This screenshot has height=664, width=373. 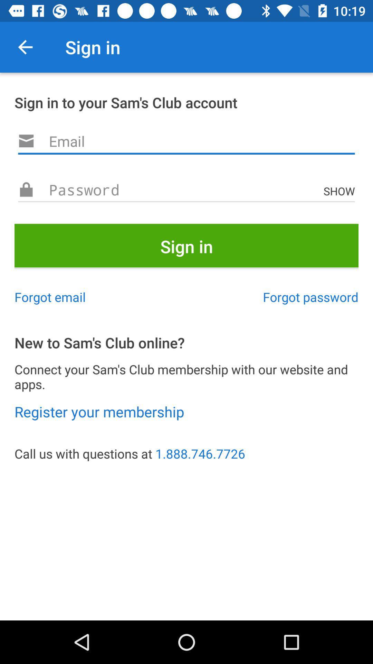 I want to click on the icon below the register your membership item, so click(x=186, y=453).